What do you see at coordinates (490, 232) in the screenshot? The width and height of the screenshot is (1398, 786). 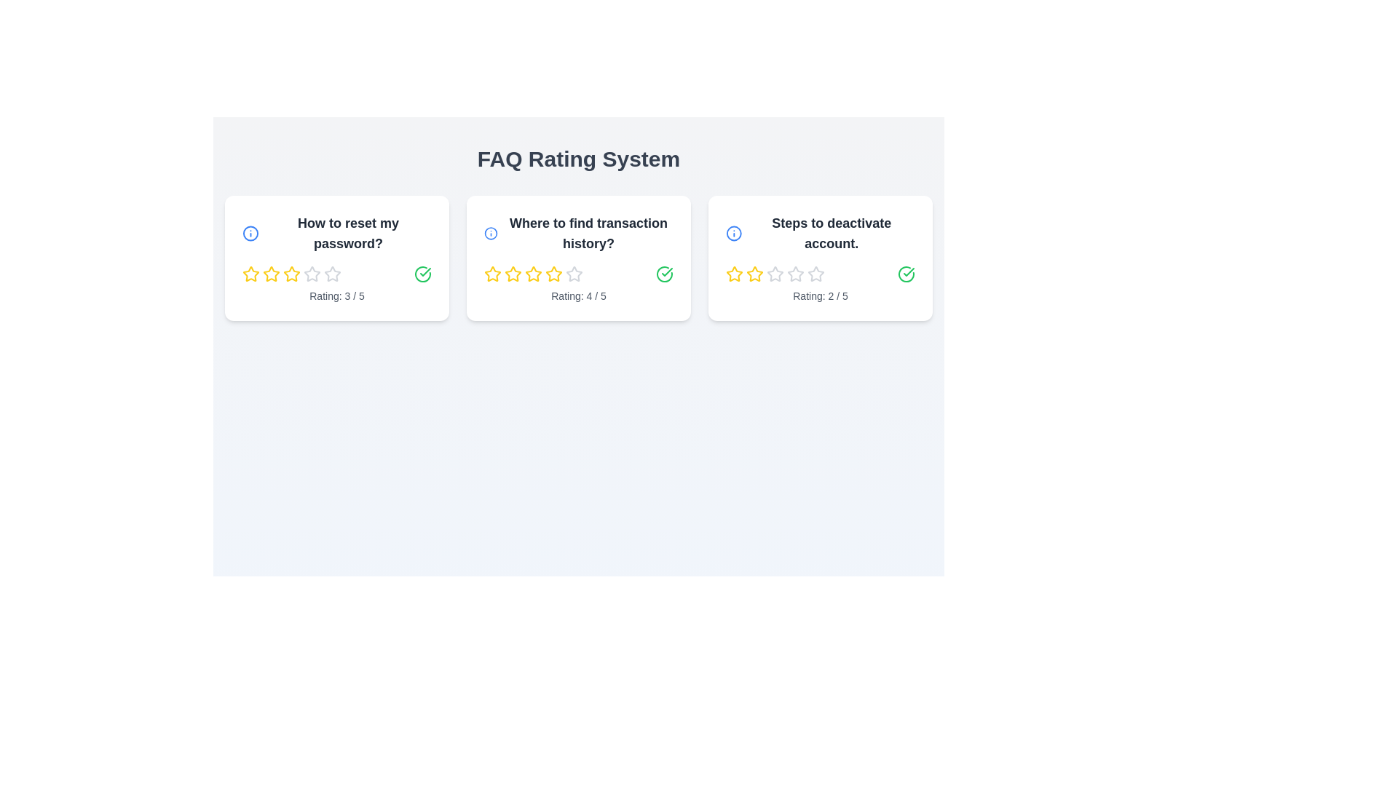 I see `the information icon of the FAQ card titled 'Where to find transaction history?'` at bounding box center [490, 232].